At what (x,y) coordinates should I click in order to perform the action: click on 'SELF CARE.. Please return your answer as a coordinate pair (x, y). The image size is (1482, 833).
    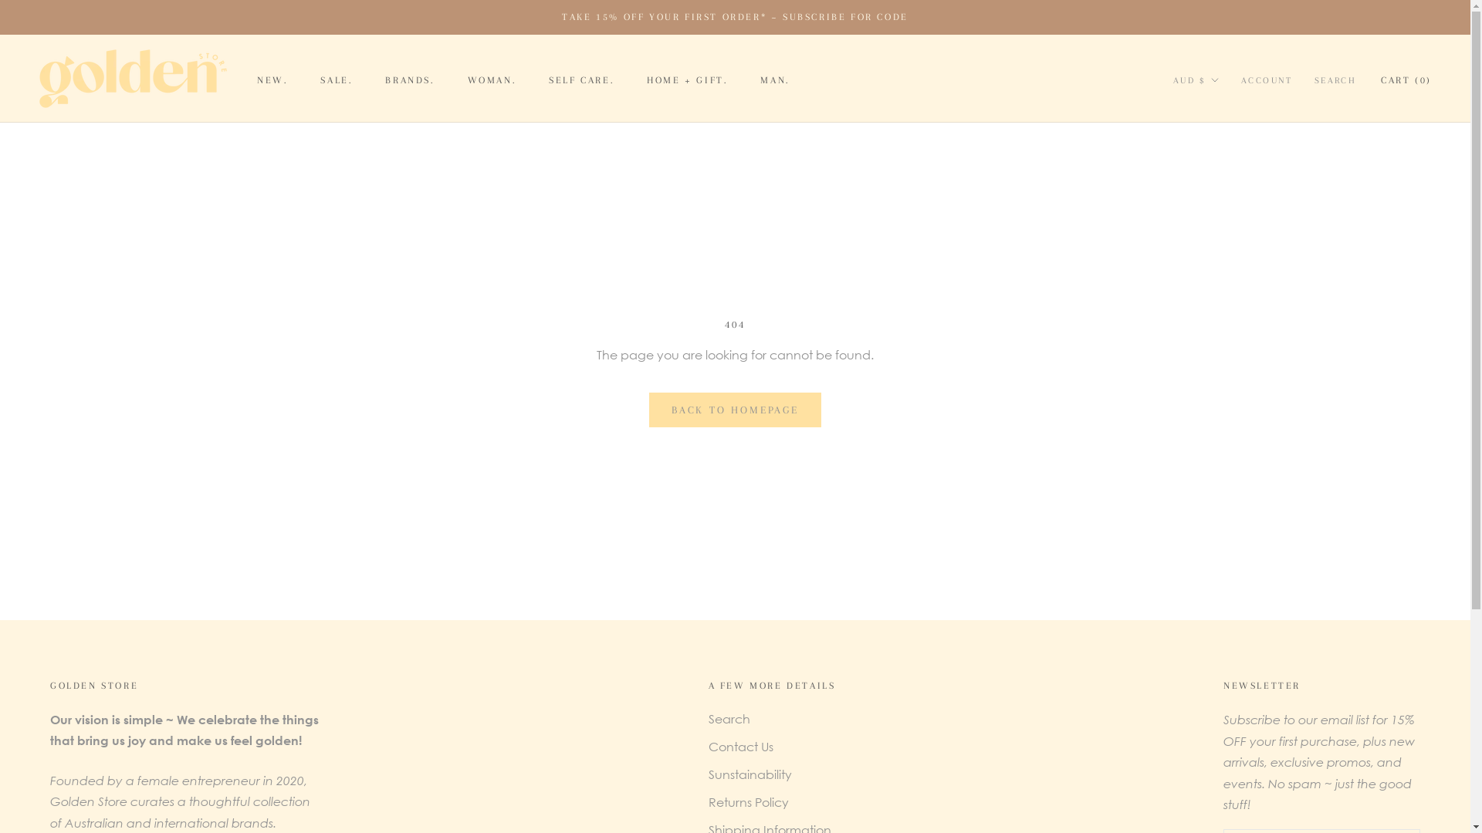
    Looking at the image, I should click on (580, 80).